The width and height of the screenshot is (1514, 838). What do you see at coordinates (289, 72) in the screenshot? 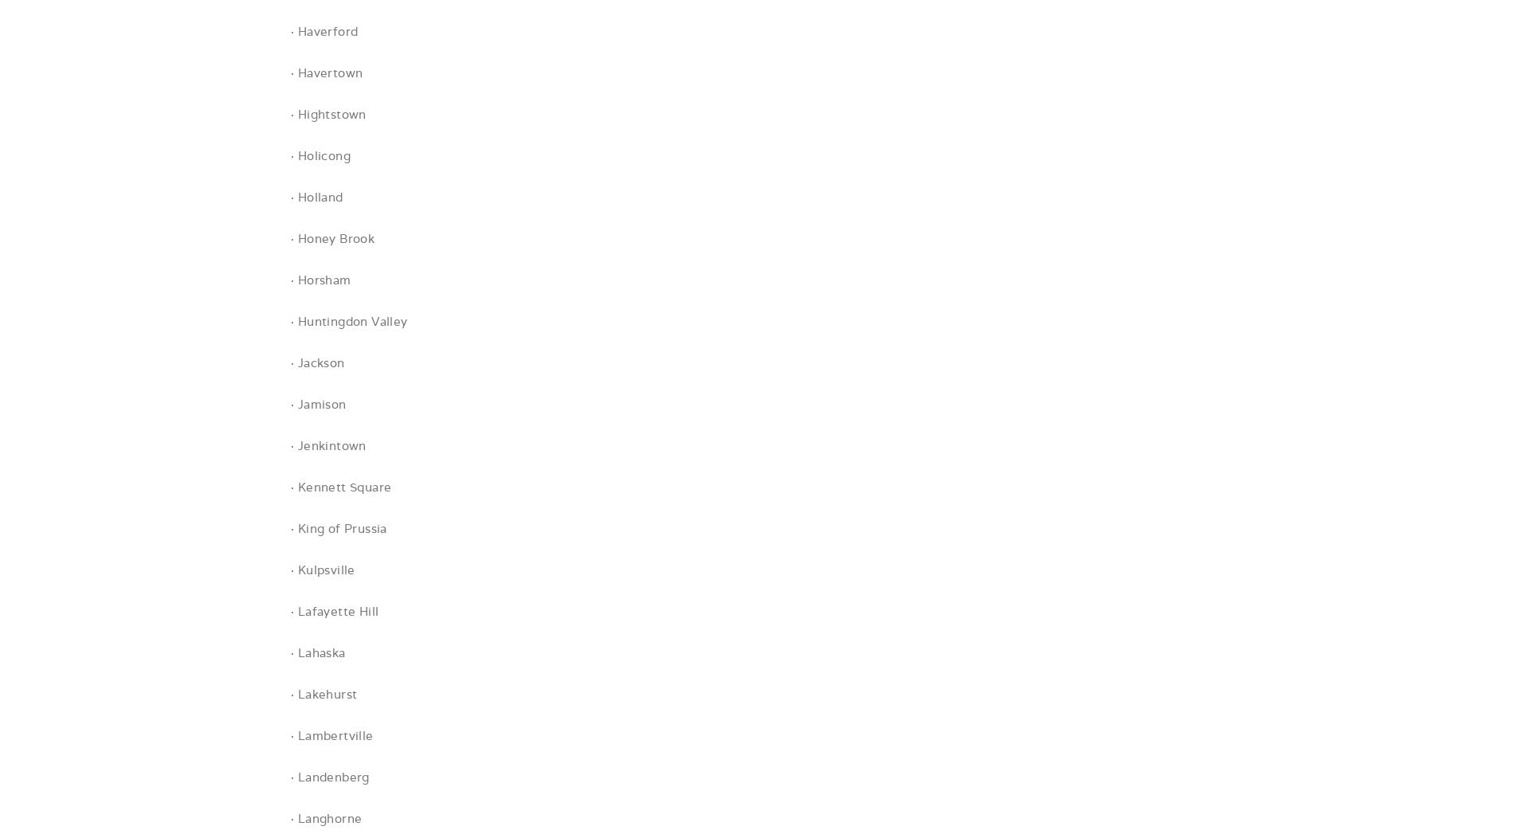
I see `'· Havertown'` at bounding box center [289, 72].